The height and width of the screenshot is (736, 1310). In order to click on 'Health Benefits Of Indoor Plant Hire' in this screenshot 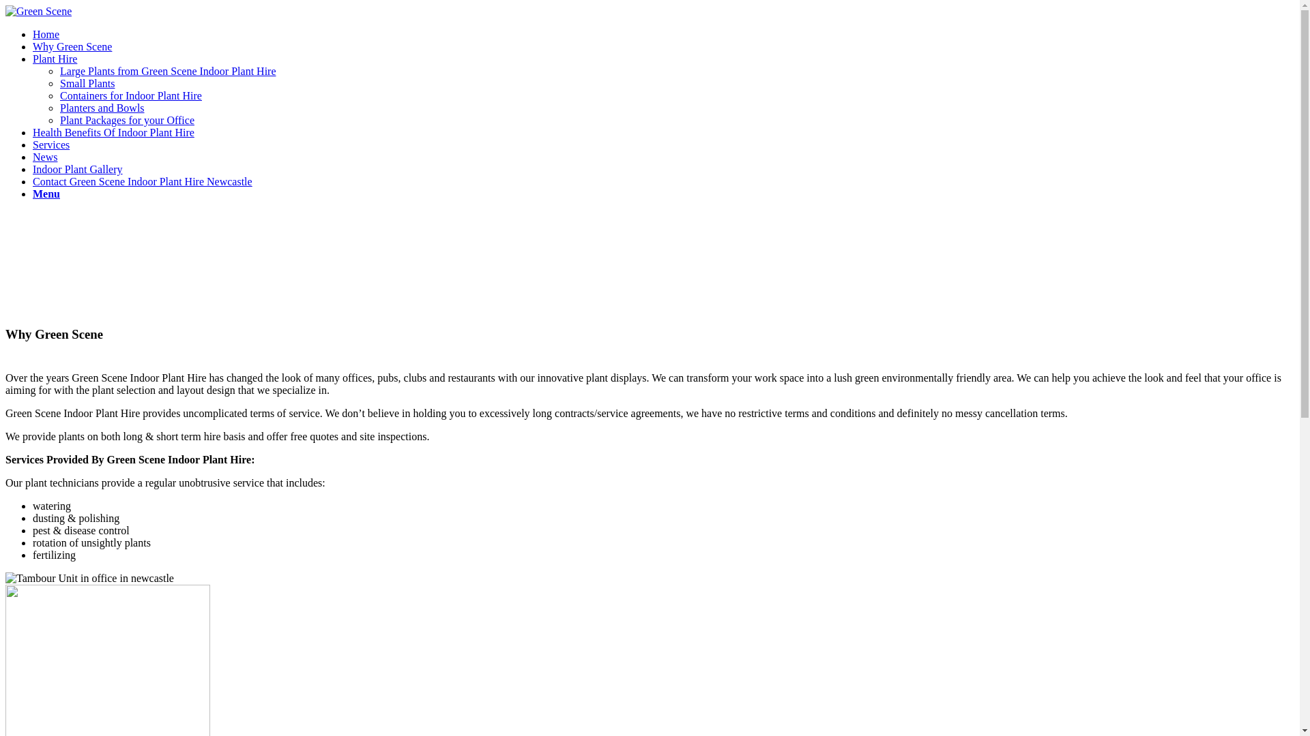, I will do `click(33, 132)`.